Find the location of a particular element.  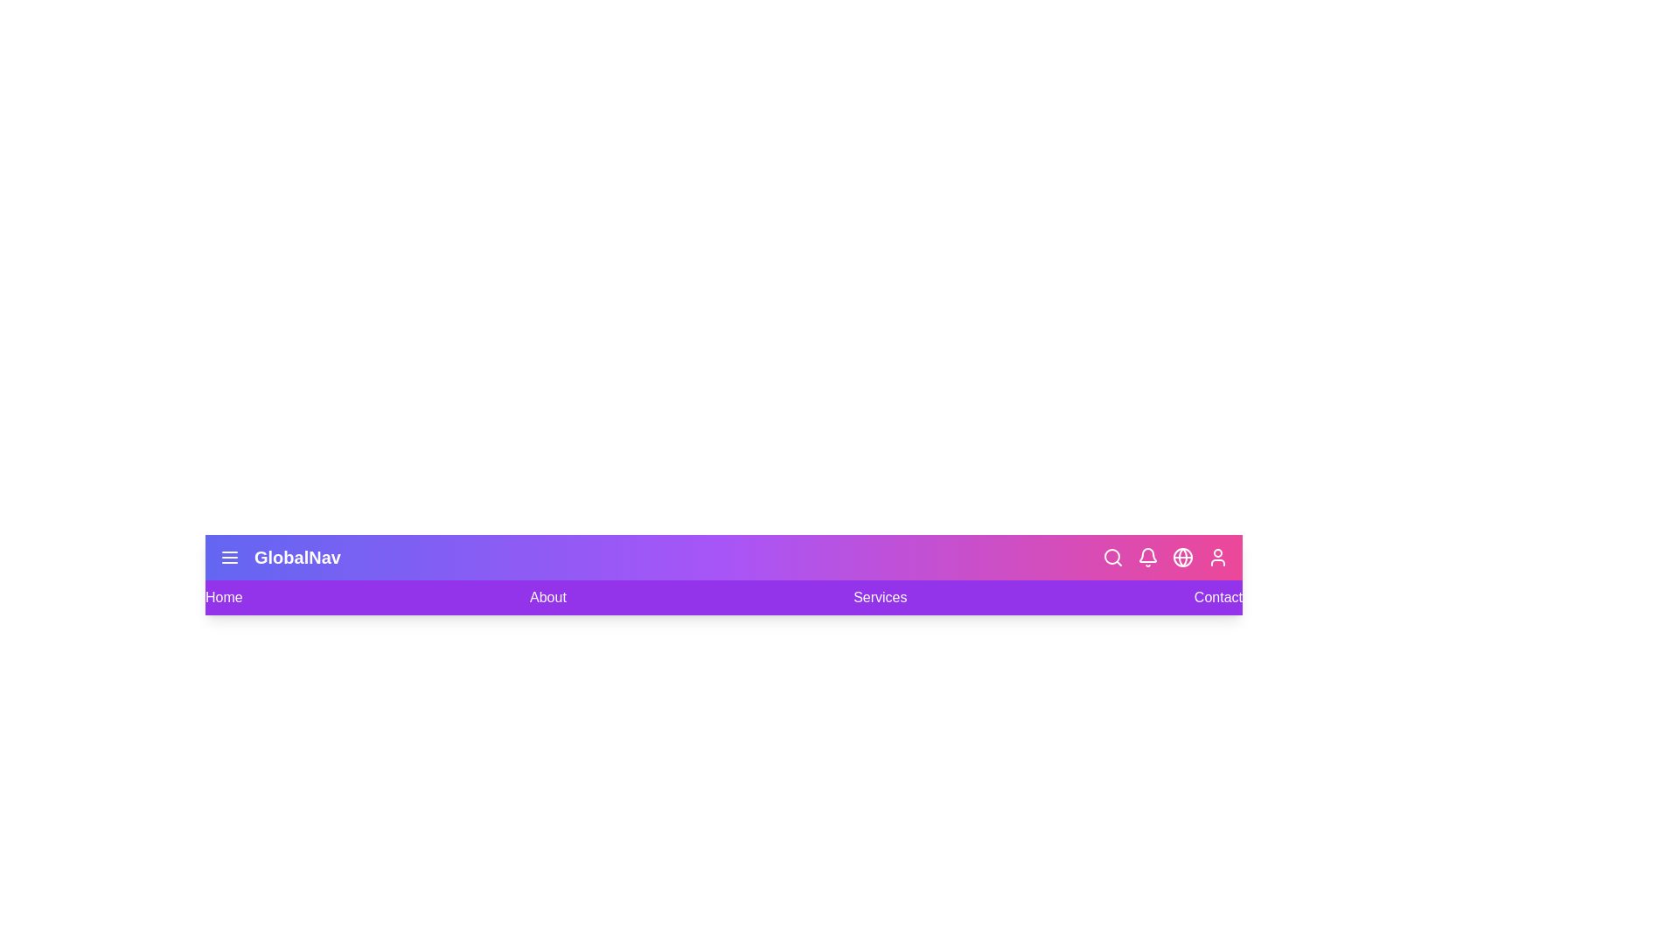

the navigation link labeled Home is located at coordinates (222, 596).